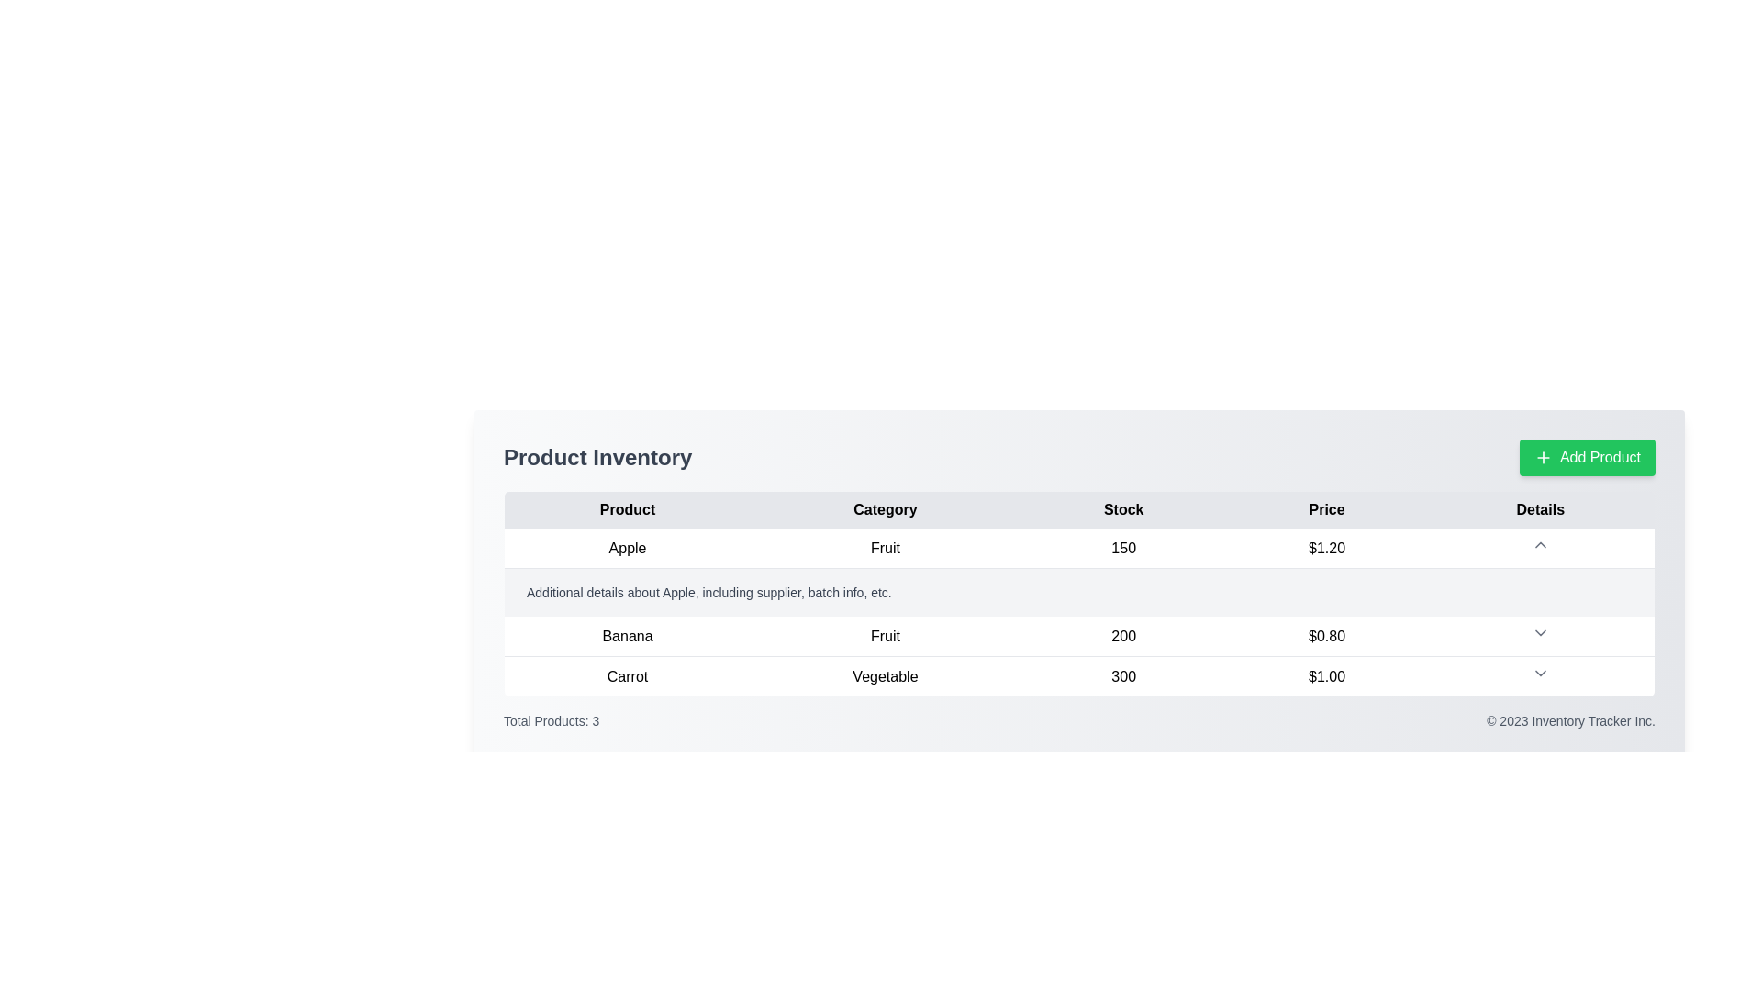  I want to click on the 'Stock' text label, which is the third column header in a table, styled with black typography on a light gray background, so click(1122, 509).